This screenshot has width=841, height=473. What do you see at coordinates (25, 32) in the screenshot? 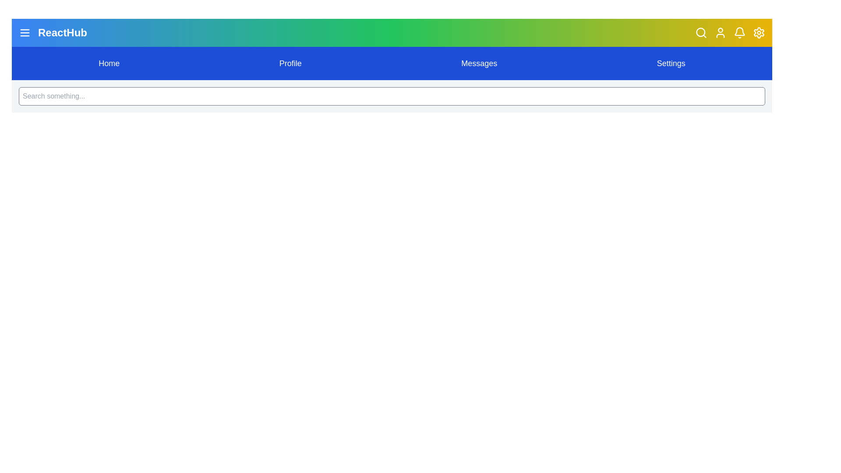
I see `the menu toggle button to toggle the menu visibility` at bounding box center [25, 32].